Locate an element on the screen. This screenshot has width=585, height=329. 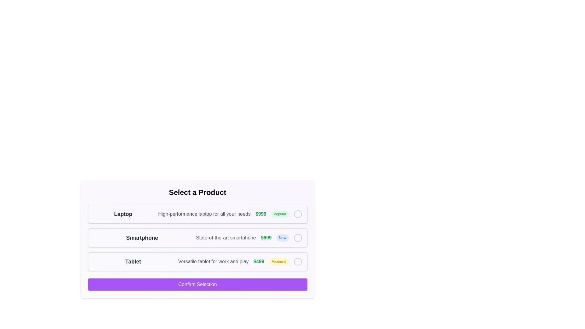
the text label that reads 'Versatile tablet for work and play', which is located next to the title 'Tablet' and to the left of the price '$499' is located at coordinates (213, 261).